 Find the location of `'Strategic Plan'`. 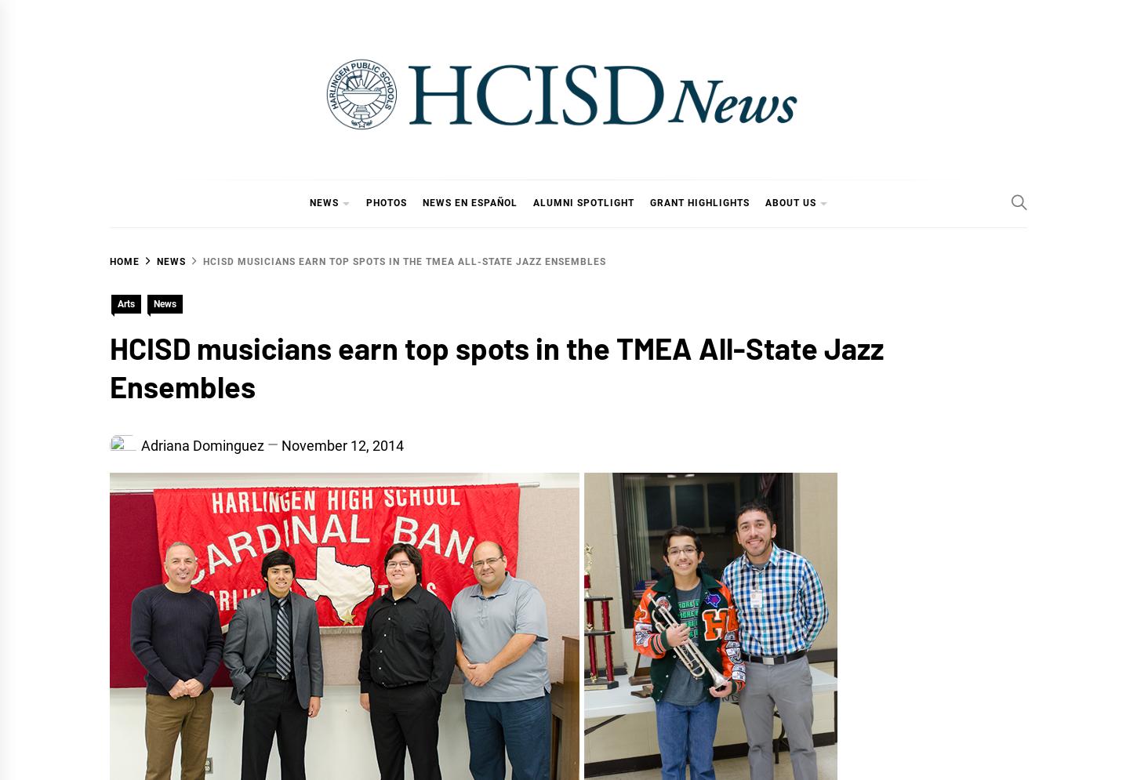

'Strategic Plan' is located at coordinates (703, 349).